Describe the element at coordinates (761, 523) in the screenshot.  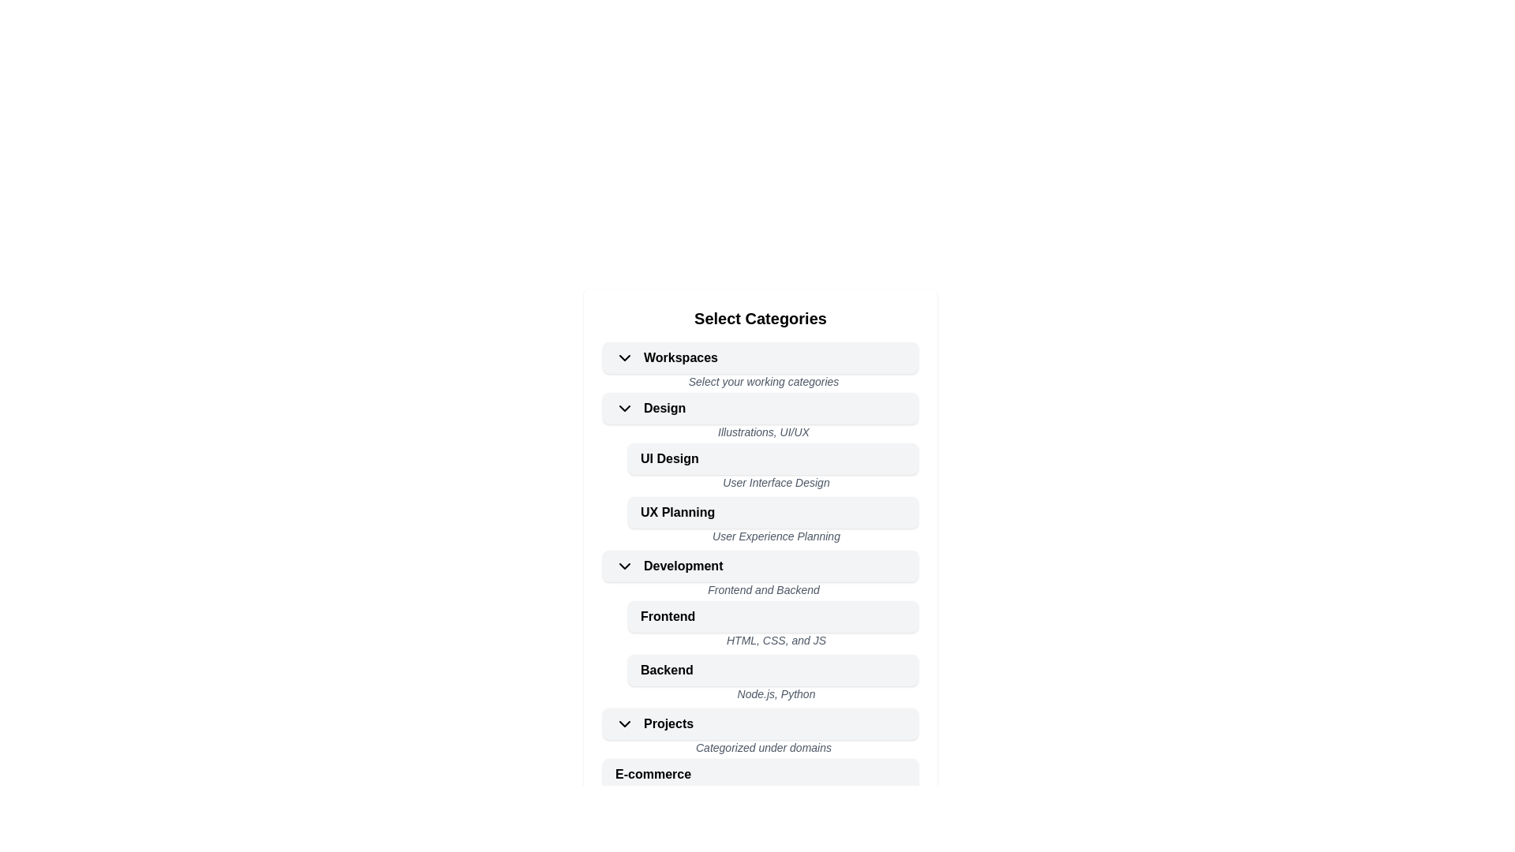
I see `the selectable list item labeled 'UX Planning'` at that location.